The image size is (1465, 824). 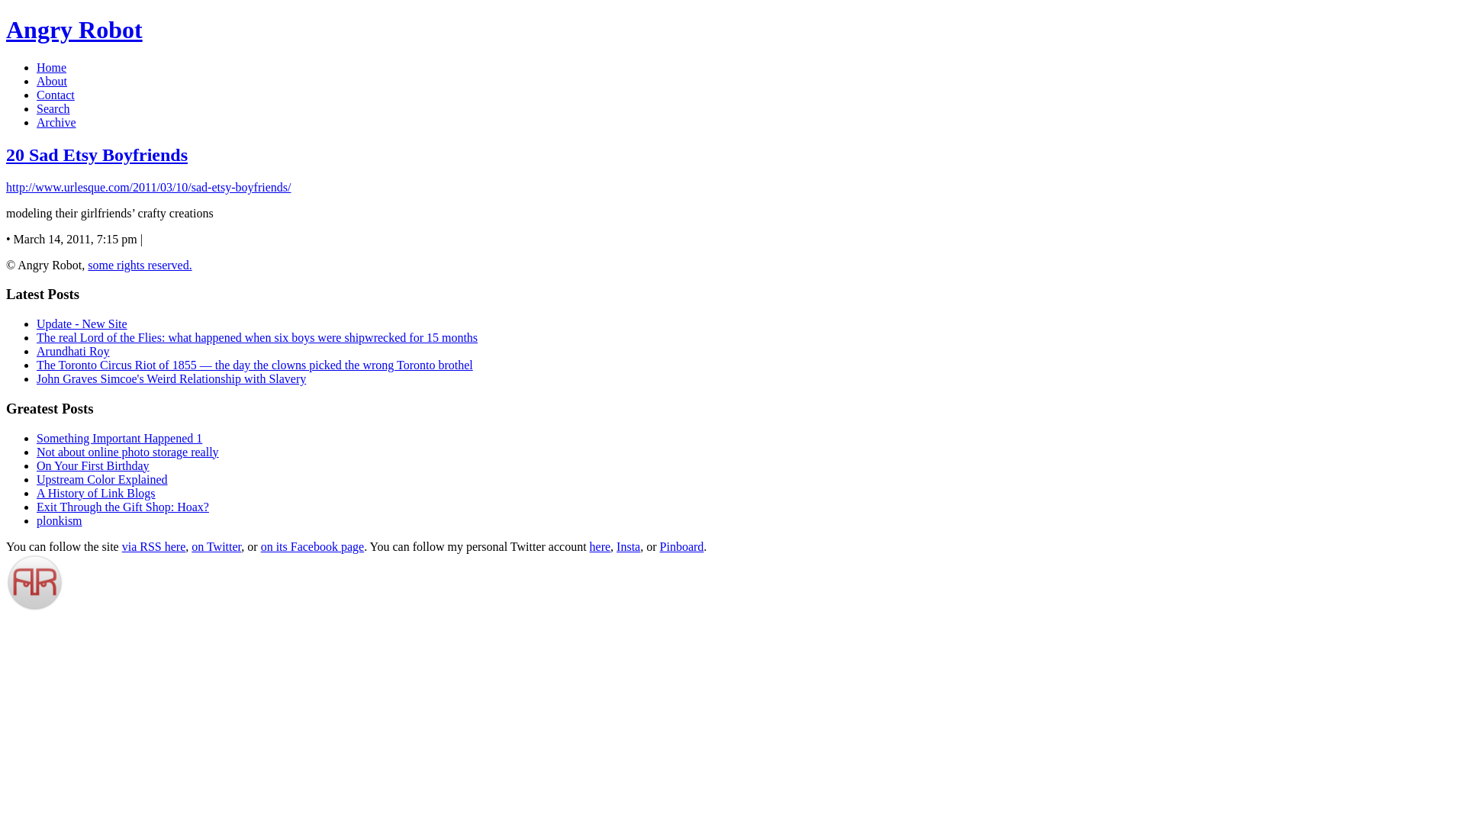 I want to click on 'Not about online photo storage really', so click(x=127, y=451).